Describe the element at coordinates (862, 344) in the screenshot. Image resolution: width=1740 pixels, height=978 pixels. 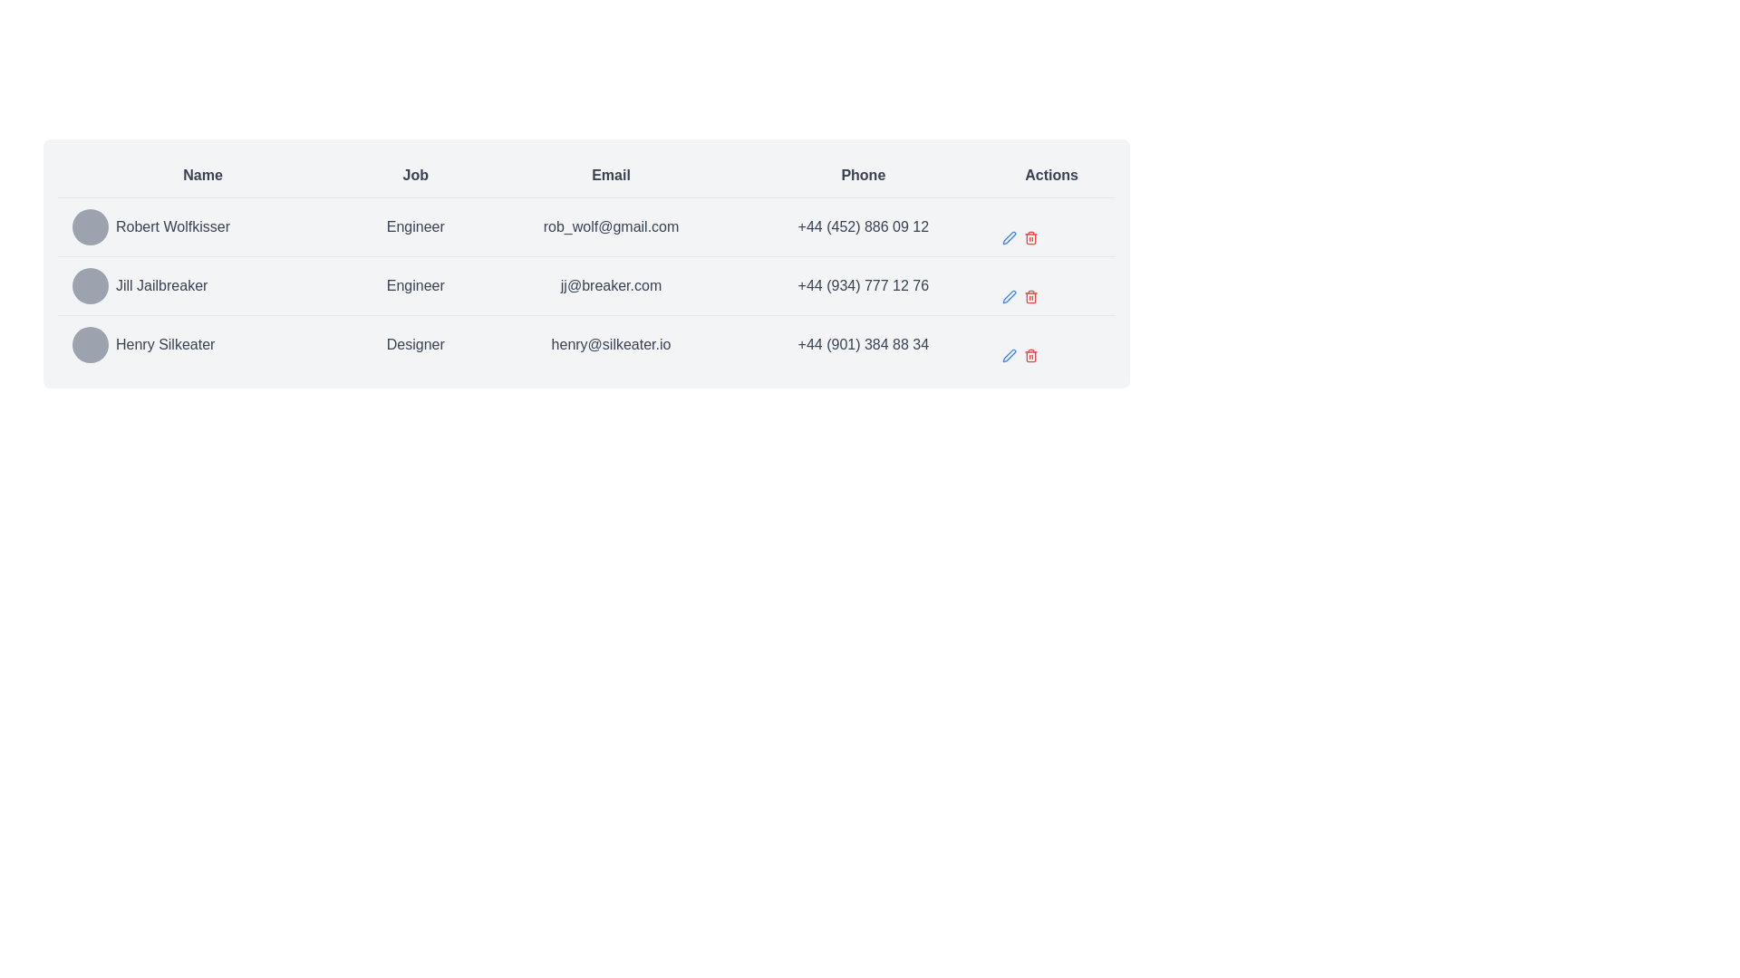
I see `the static text element displaying the phone number for Henry Silkeater located` at that location.